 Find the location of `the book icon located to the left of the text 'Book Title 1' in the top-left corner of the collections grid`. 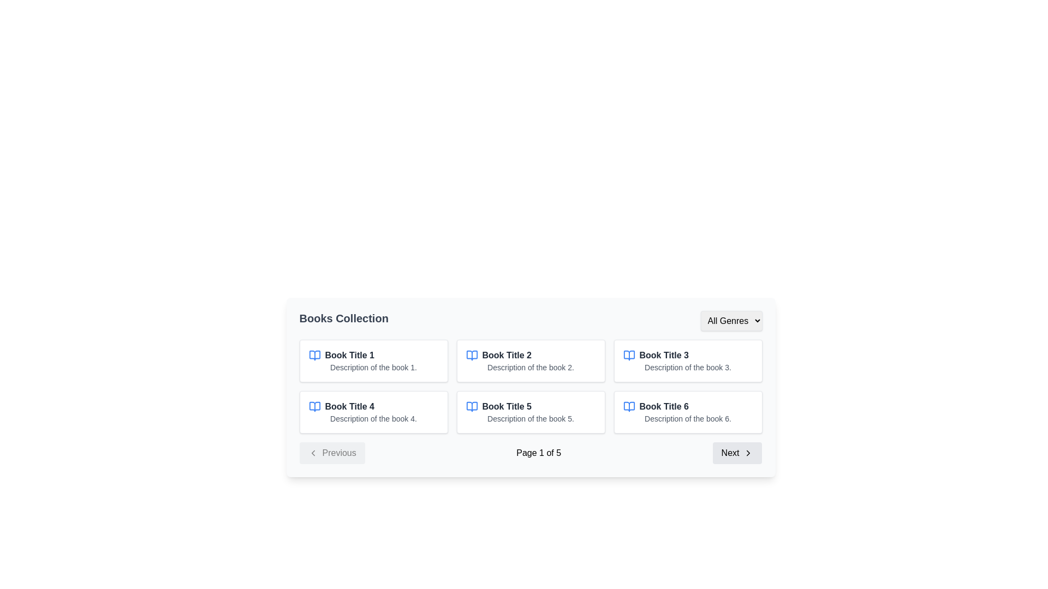

the book icon located to the left of the text 'Book Title 1' in the top-left corner of the collections grid is located at coordinates (314, 355).